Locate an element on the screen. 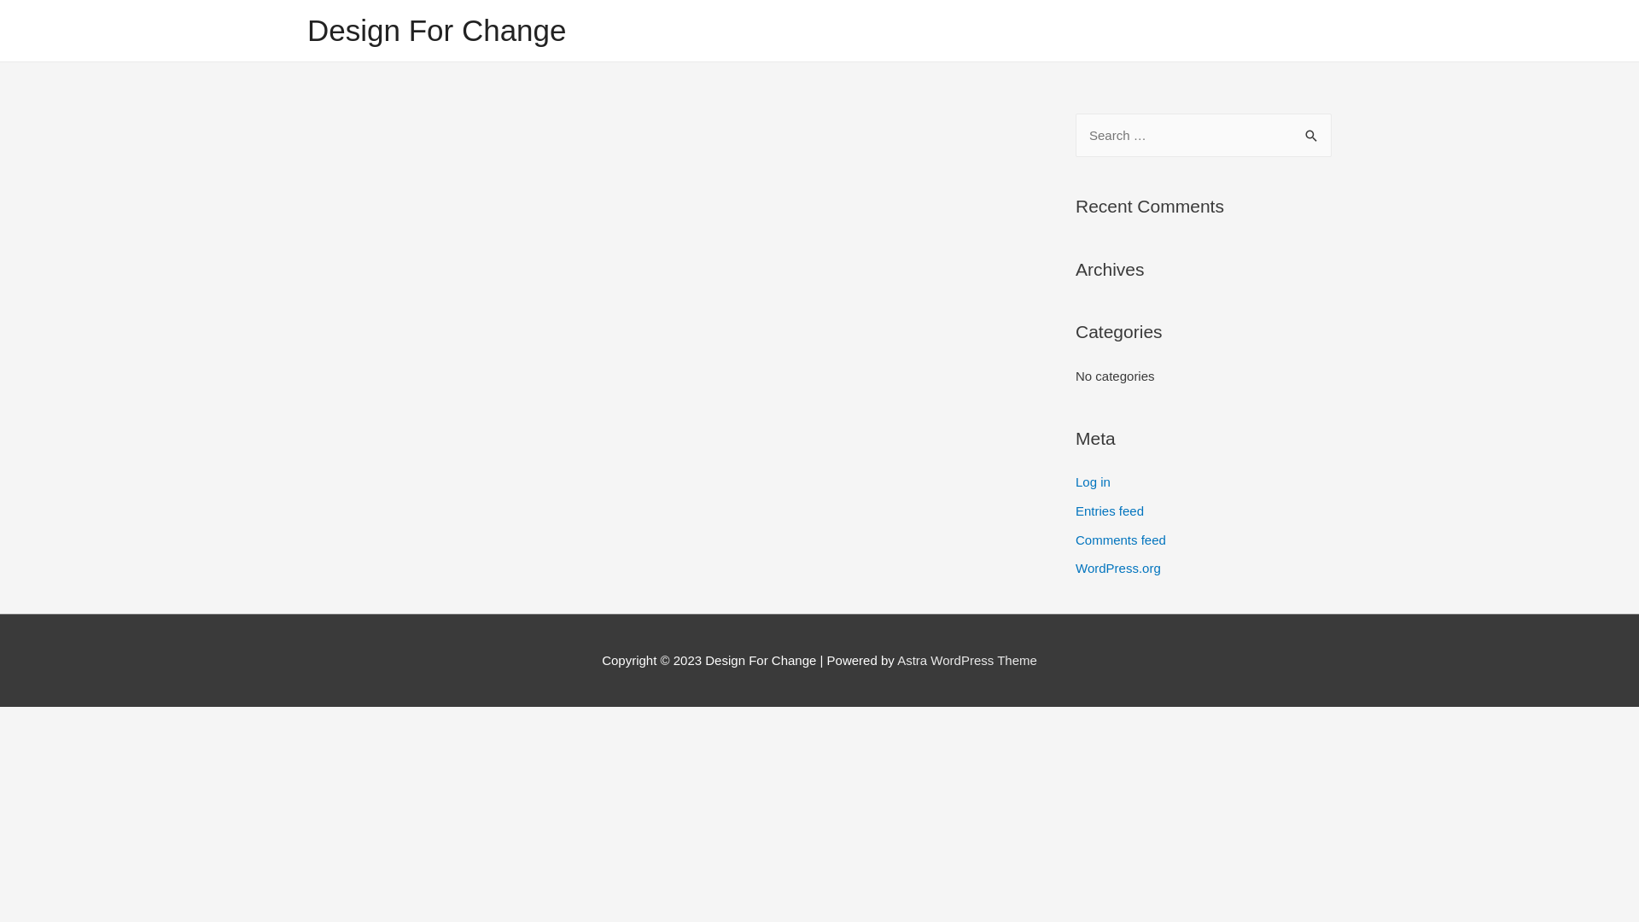 This screenshot has height=922, width=1639. 'Comments feed' is located at coordinates (1121, 540).